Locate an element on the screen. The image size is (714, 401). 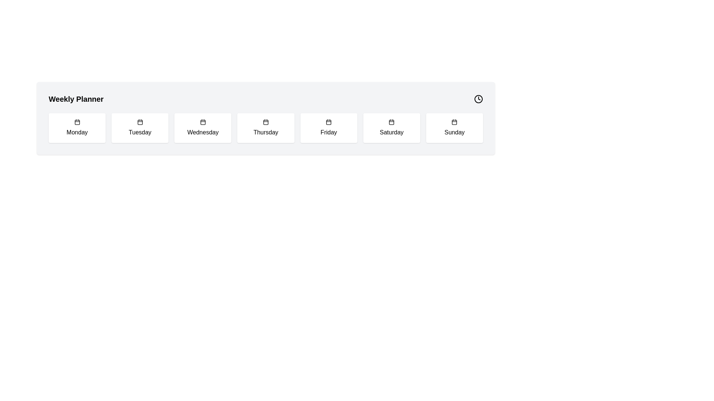
the 'Monday' button in the Weekly Planner is located at coordinates (77, 127).